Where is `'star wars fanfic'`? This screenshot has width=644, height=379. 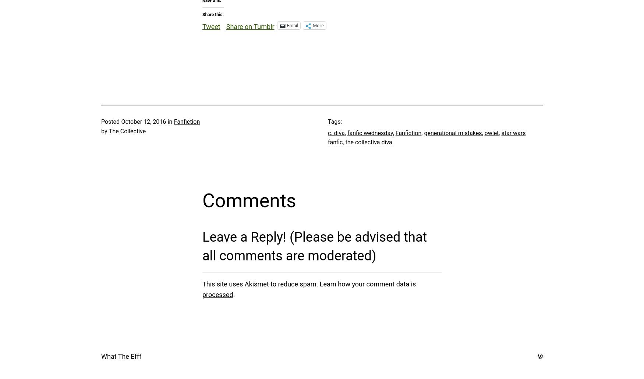
'star wars fanfic' is located at coordinates (426, 137).